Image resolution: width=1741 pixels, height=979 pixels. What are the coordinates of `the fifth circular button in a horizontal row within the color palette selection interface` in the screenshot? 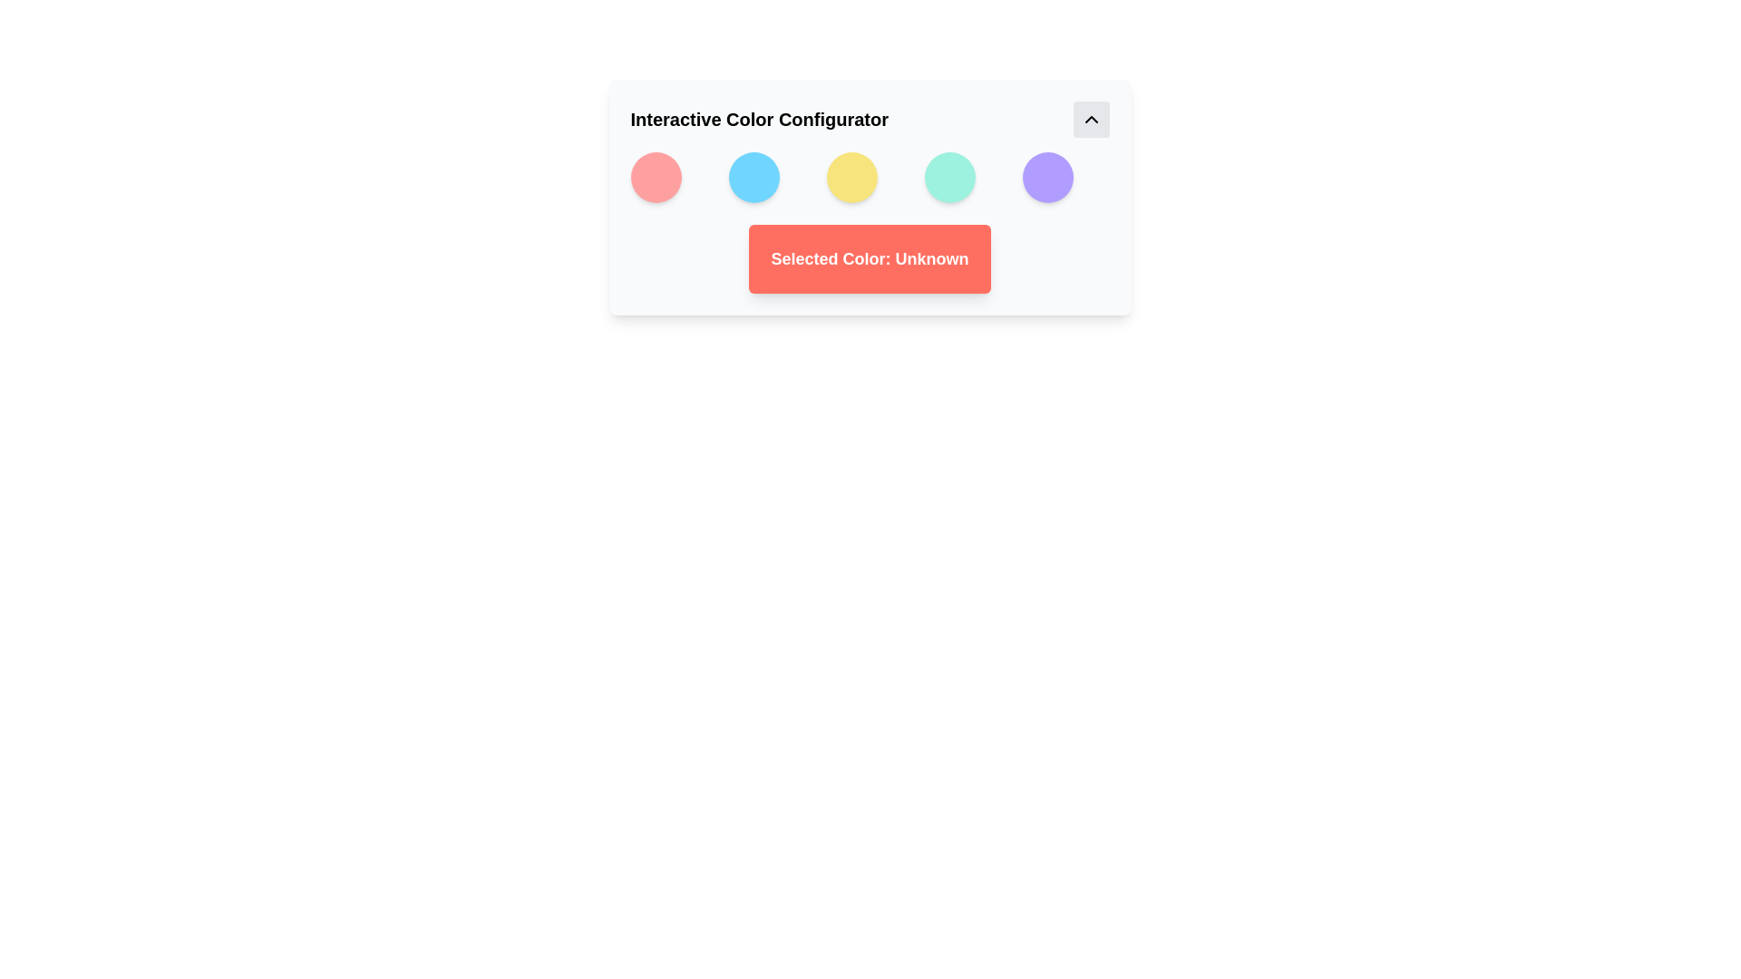 It's located at (1047, 178).